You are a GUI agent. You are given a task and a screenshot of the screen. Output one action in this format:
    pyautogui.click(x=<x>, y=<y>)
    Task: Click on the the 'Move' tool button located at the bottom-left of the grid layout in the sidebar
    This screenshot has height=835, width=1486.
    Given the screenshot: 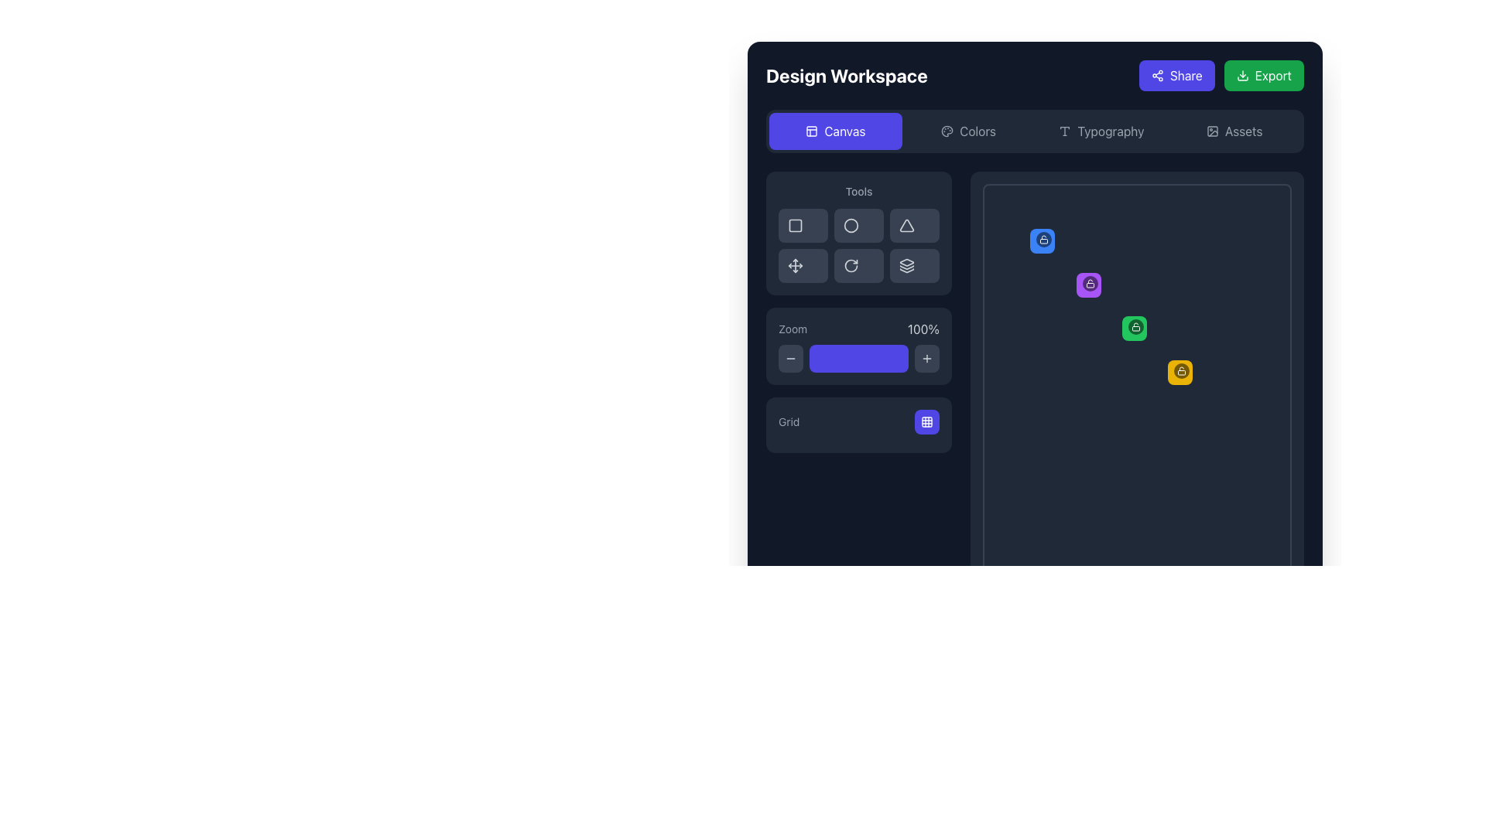 What is the action you would take?
    pyautogui.click(x=803, y=264)
    